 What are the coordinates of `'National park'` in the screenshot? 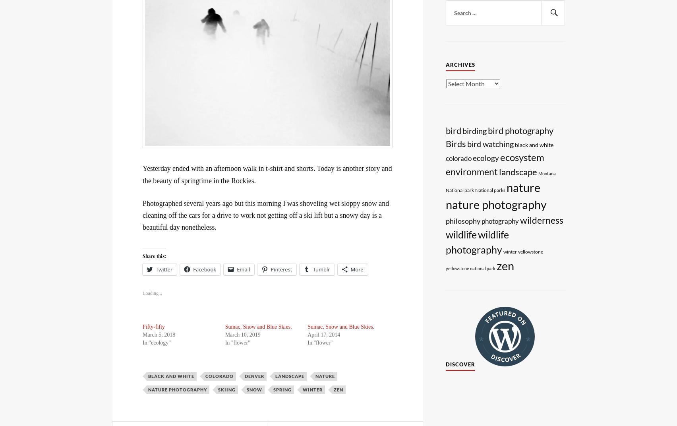 It's located at (459, 190).